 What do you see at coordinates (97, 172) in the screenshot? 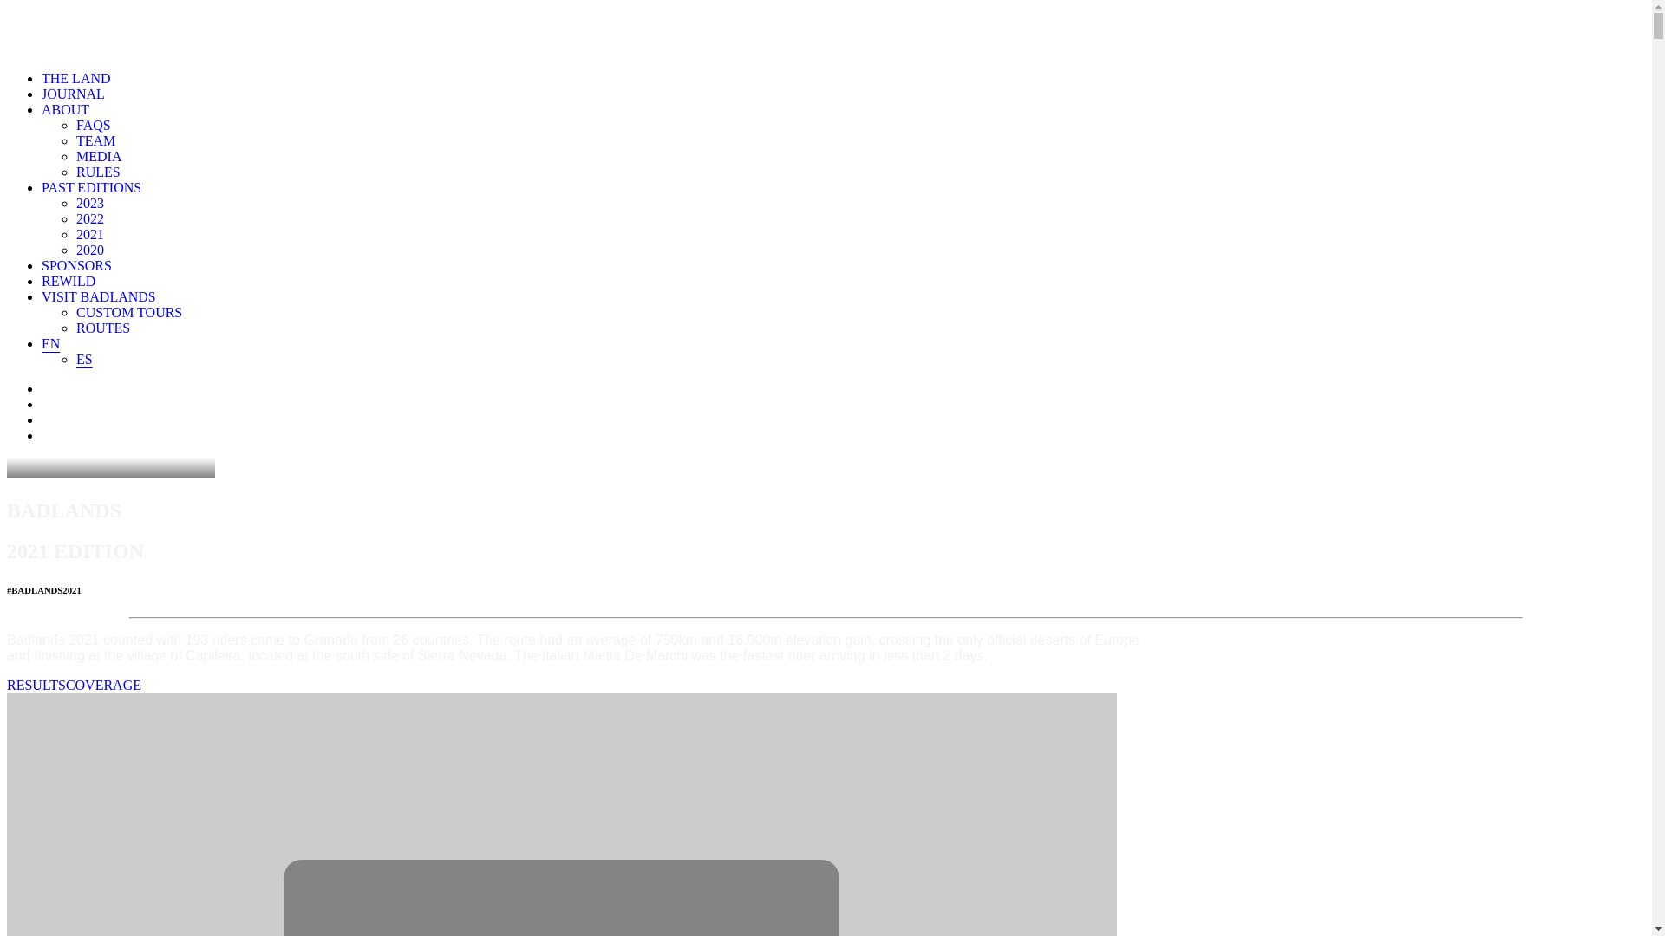
I see `'RULES'` at bounding box center [97, 172].